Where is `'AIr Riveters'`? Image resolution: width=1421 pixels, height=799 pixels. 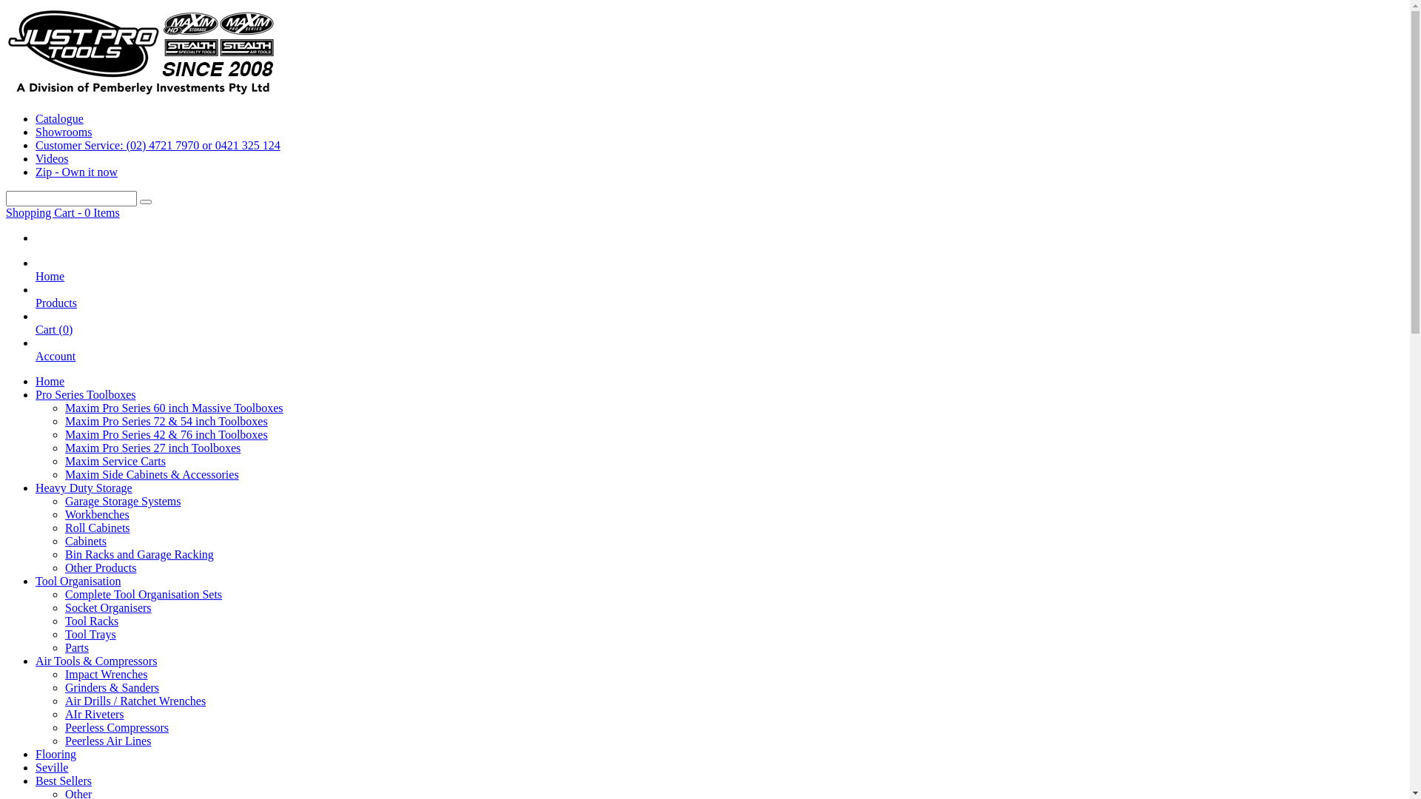 'AIr Riveters' is located at coordinates (94, 713).